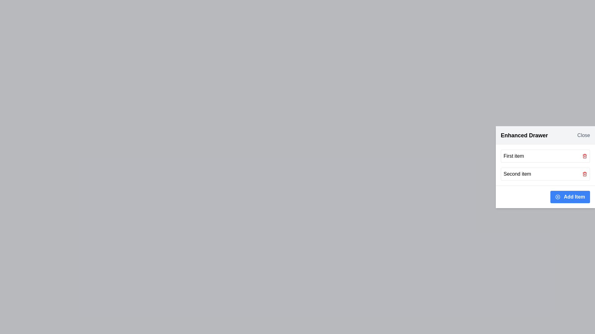 Image resolution: width=595 pixels, height=334 pixels. What do you see at coordinates (570, 197) in the screenshot?
I see `the 'Add Item' button, which is a rectangular button with a bright blue background and white text, located at the bottom of the 'Enhanced Drawer' section` at bounding box center [570, 197].